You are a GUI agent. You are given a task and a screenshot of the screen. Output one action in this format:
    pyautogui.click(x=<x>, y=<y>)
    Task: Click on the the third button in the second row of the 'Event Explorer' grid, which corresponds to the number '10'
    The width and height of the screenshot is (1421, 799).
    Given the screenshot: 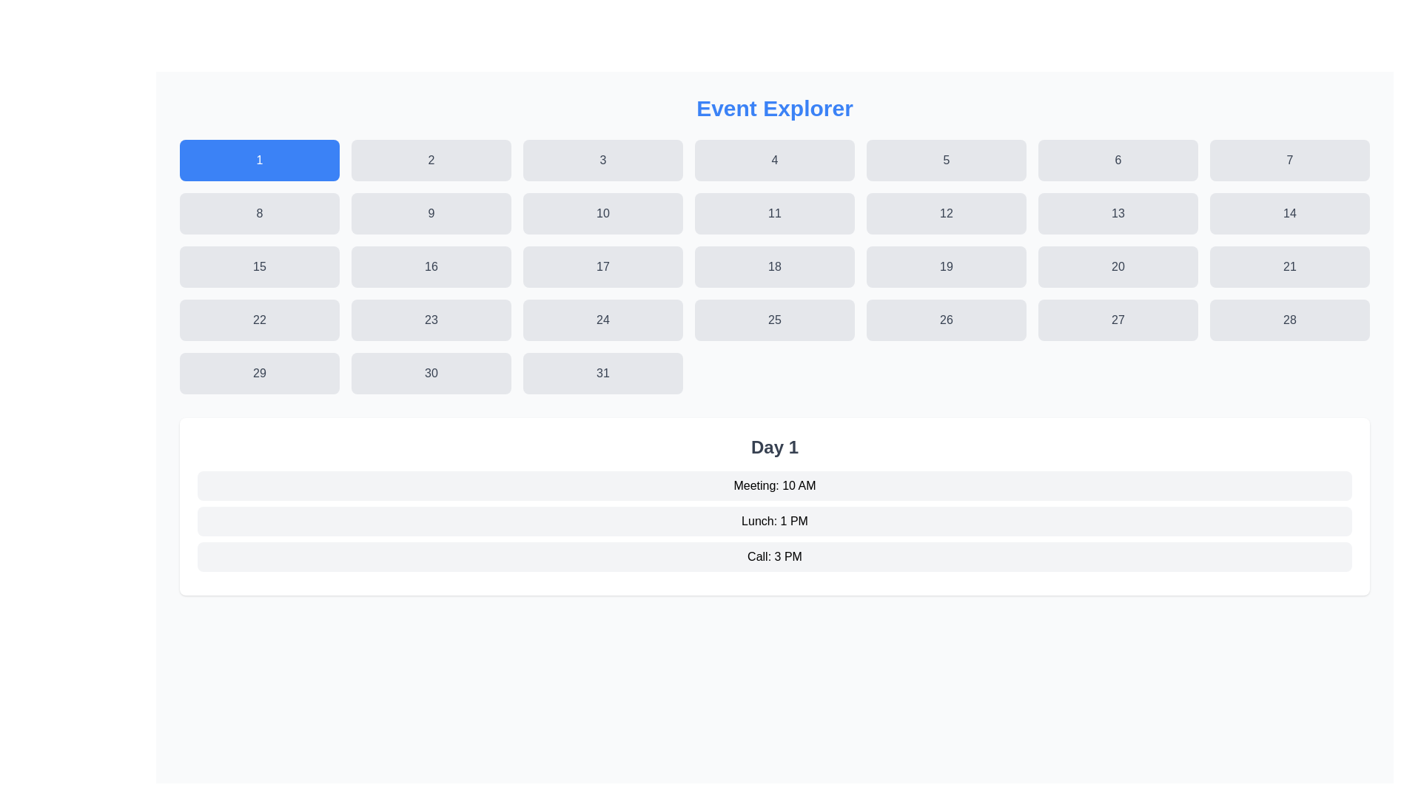 What is the action you would take?
    pyautogui.click(x=603, y=214)
    